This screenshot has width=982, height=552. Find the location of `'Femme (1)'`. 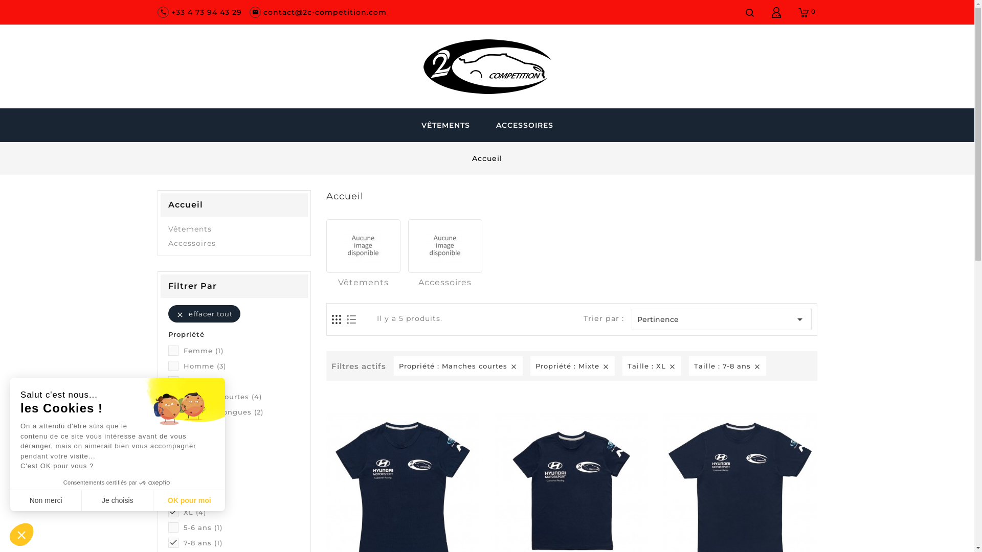

'Femme (1)' is located at coordinates (240, 350).